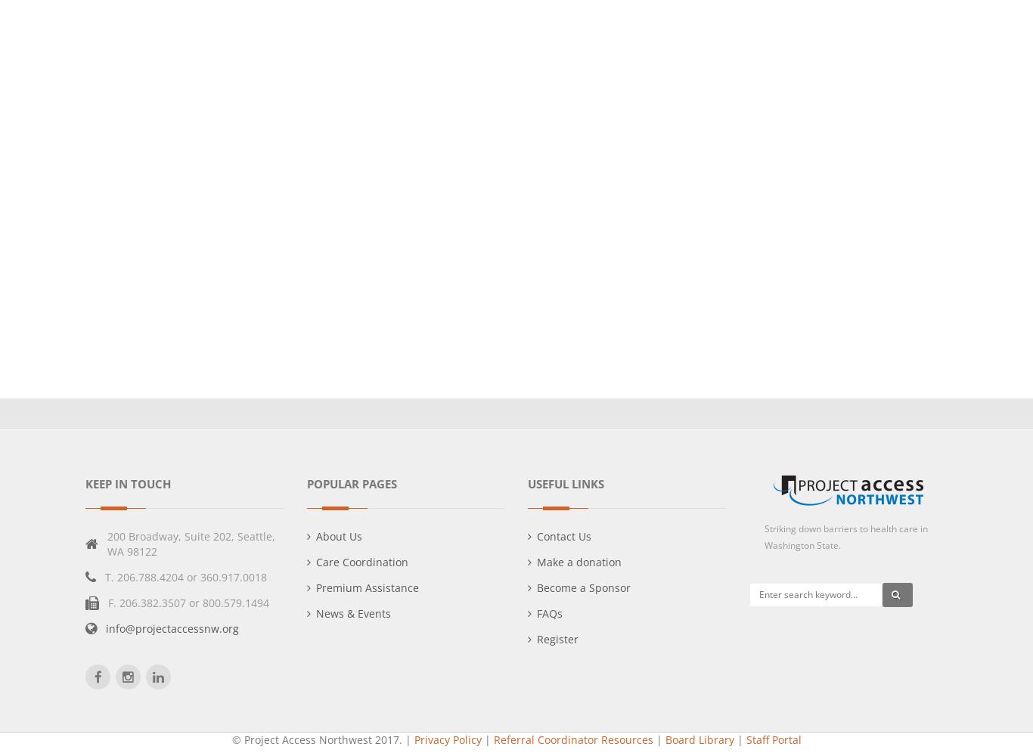  Describe the element at coordinates (579, 560) in the screenshot. I see `'Make a donation'` at that location.